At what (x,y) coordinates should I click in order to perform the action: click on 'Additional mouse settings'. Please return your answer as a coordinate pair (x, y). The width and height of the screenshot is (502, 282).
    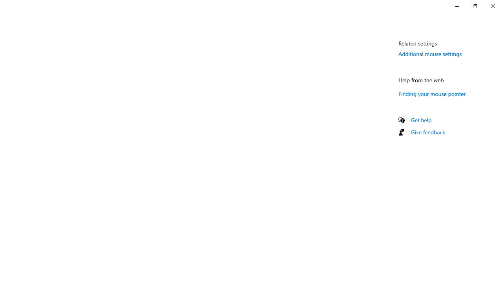
    Looking at the image, I should click on (429, 53).